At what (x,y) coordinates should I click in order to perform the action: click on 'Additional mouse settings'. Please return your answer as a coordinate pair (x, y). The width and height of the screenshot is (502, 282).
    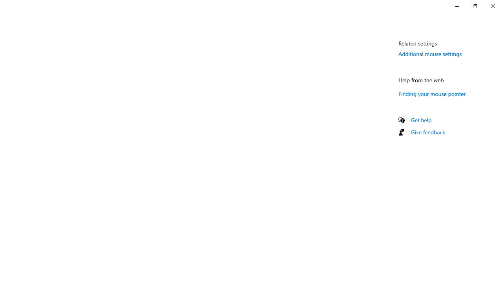
    Looking at the image, I should click on (429, 53).